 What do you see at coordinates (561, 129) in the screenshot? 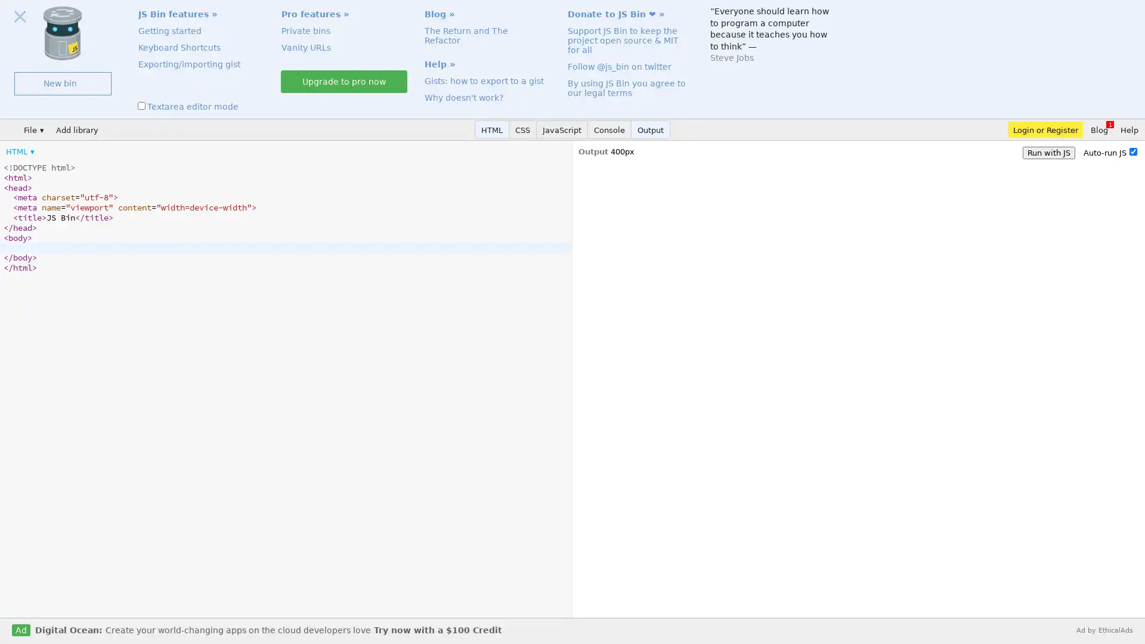
I see `JavaScript Panel: Inactive` at bounding box center [561, 129].